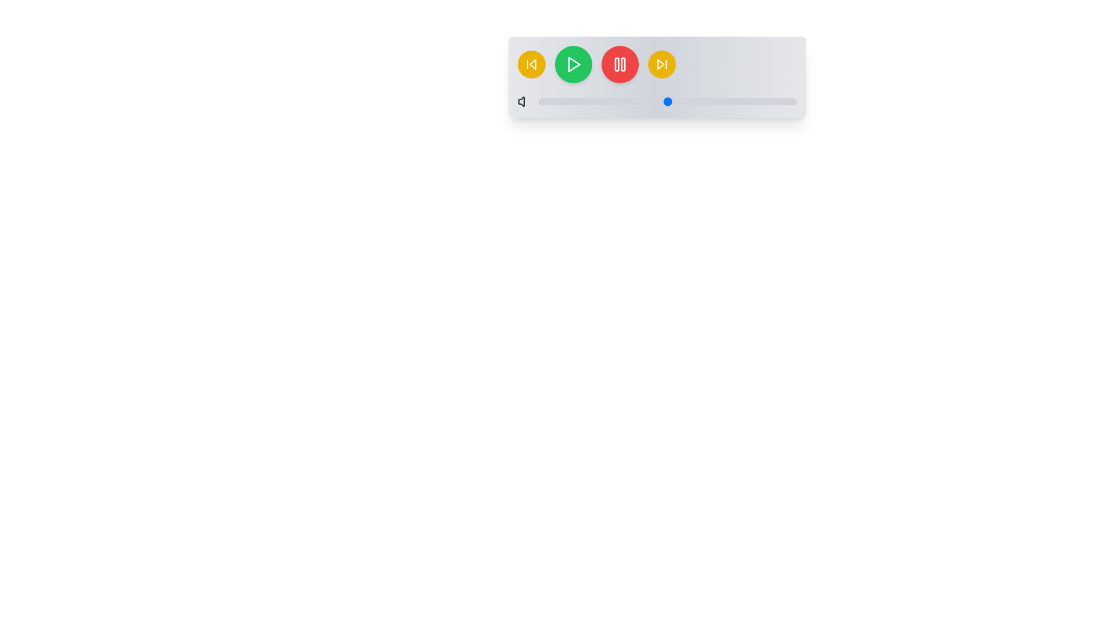  What do you see at coordinates (742, 101) in the screenshot?
I see `the slider position` at bounding box center [742, 101].